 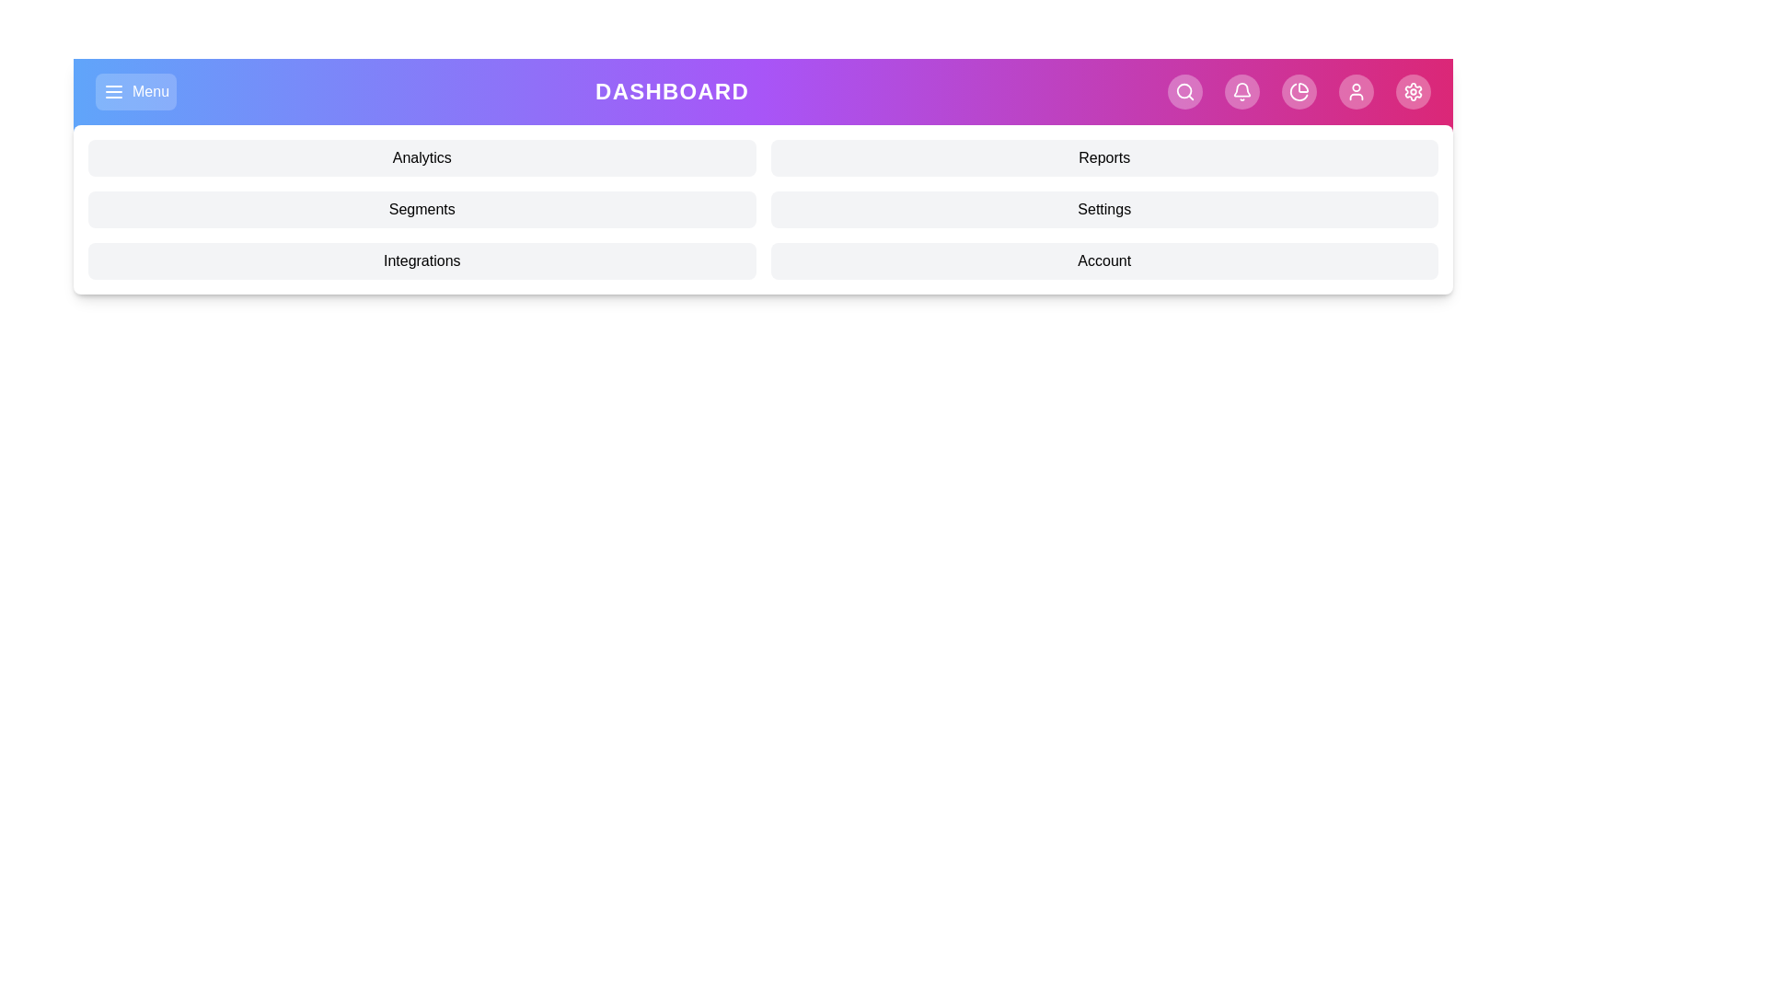 What do you see at coordinates (1104, 261) in the screenshot?
I see `the menu option Account` at bounding box center [1104, 261].